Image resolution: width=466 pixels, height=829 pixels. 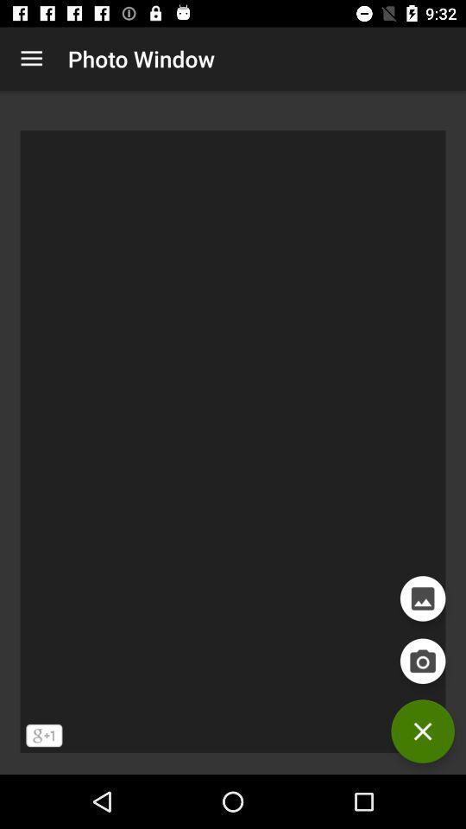 What do you see at coordinates (422, 660) in the screenshot?
I see `the photo icon` at bounding box center [422, 660].